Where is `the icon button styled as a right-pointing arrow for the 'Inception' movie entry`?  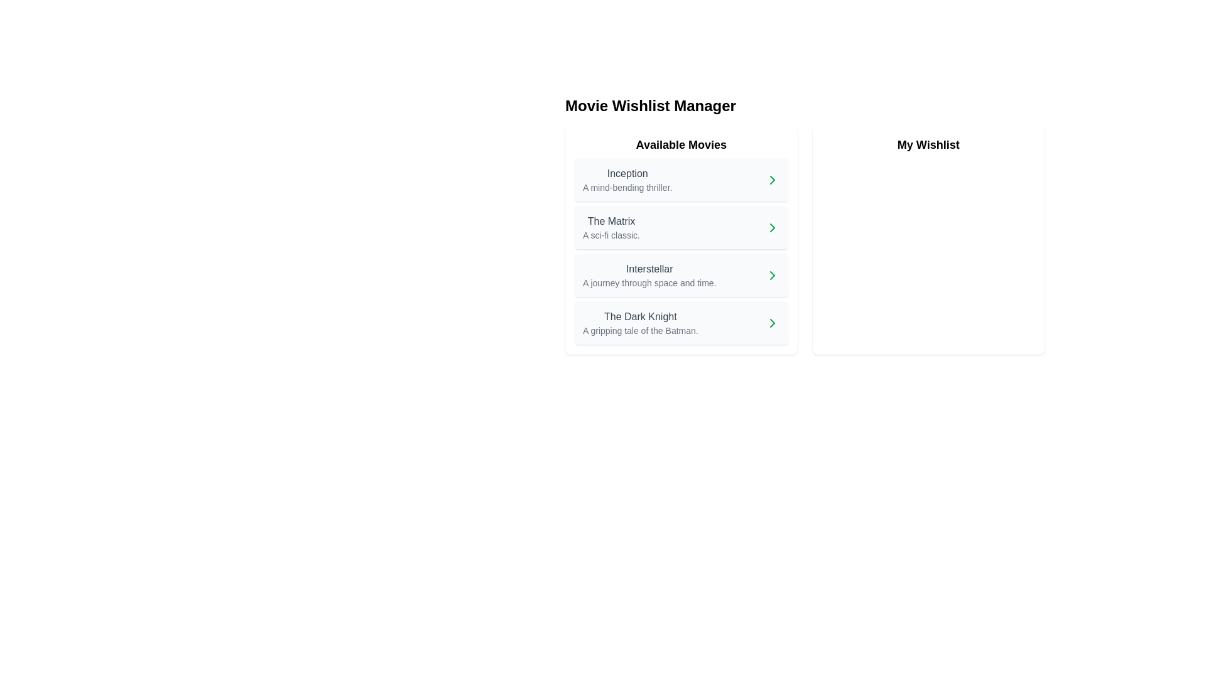 the icon button styled as a right-pointing arrow for the 'Inception' movie entry is located at coordinates (771, 180).